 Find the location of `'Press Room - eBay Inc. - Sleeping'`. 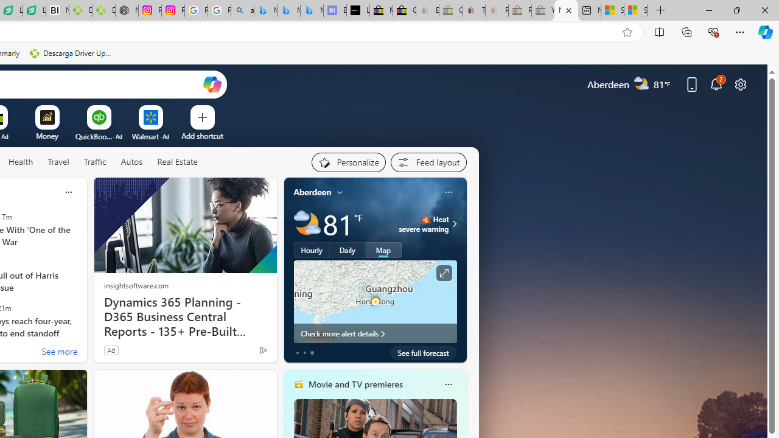

'Press Room - eBay Inc. - Sleeping' is located at coordinates (520, 10).